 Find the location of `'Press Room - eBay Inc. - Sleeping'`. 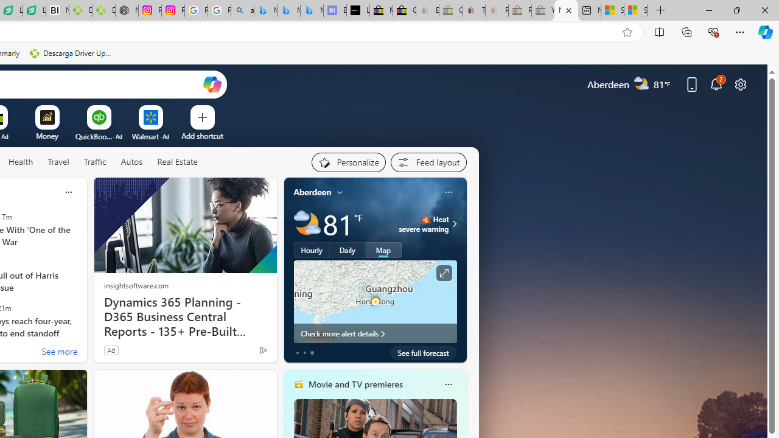

'Press Room - eBay Inc. - Sleeping' is located at coordinates (520, 10).